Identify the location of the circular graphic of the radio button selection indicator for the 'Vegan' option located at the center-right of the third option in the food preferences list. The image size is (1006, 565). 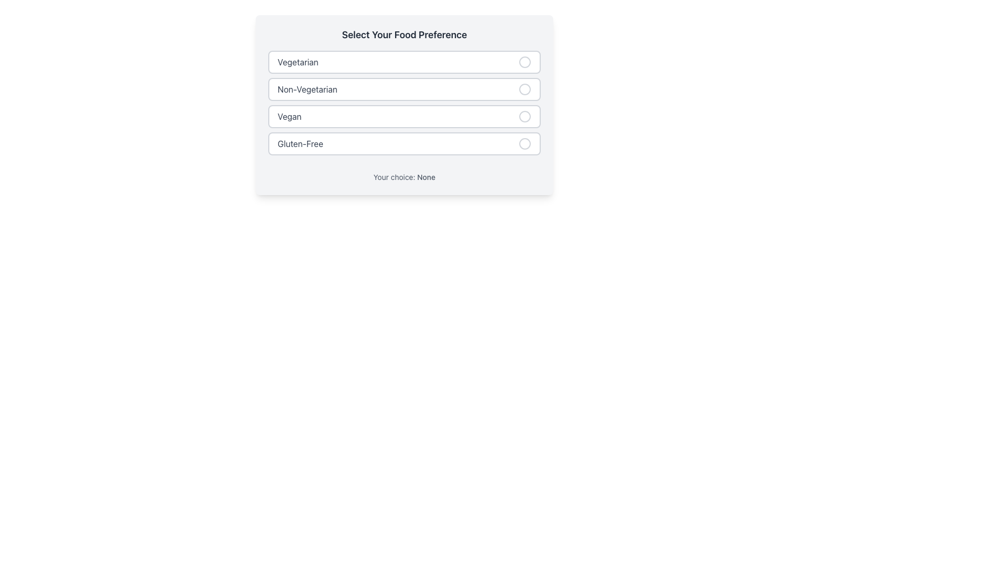
(525, 117).